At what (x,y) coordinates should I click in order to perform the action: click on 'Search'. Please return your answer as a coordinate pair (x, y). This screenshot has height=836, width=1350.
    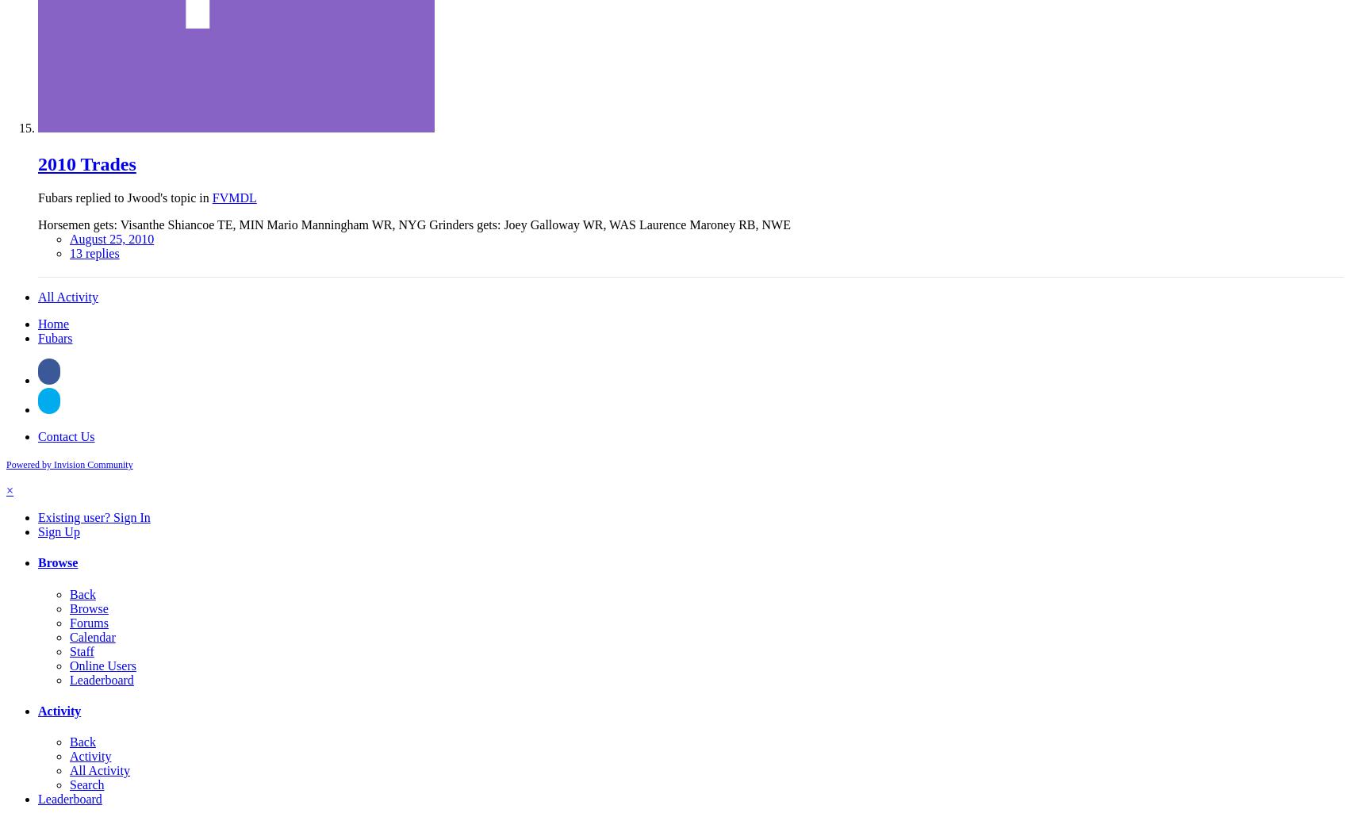
    Looking at the image, I should click on (86, 784).